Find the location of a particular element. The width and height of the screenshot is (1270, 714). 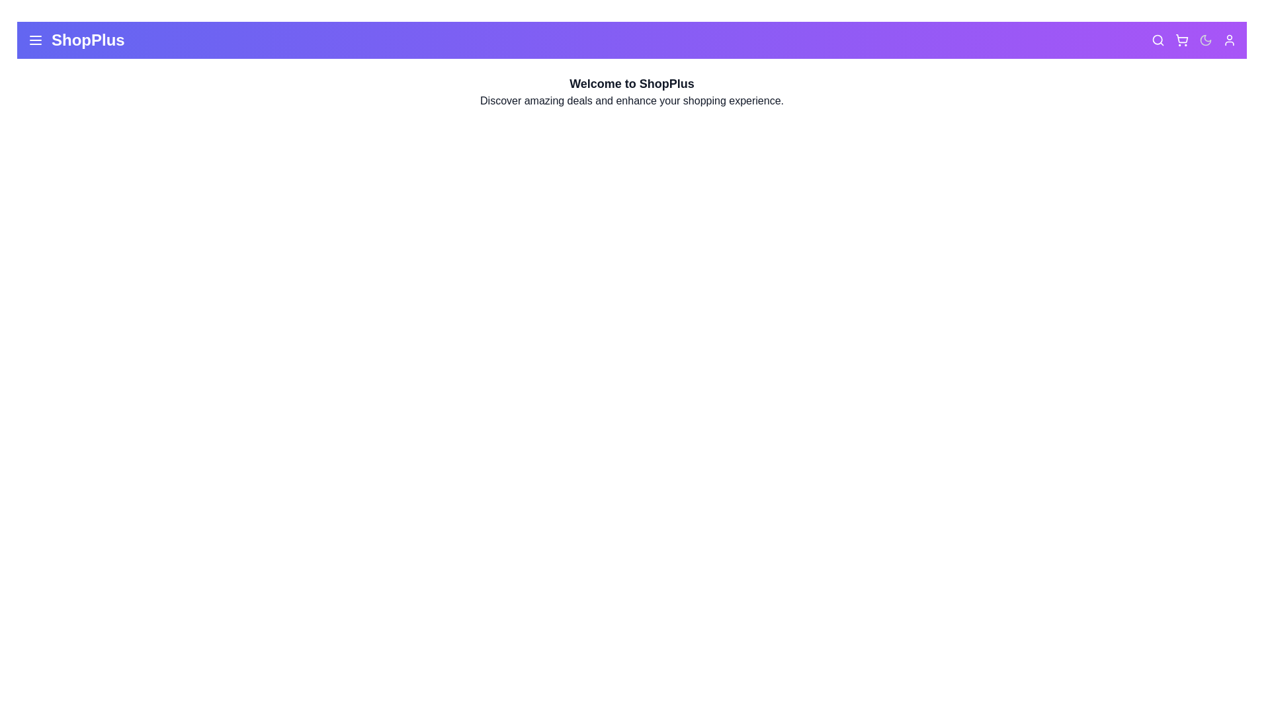

the dark mode toggle button to switch between light and dark mode is located at coordinates (1206, 40).